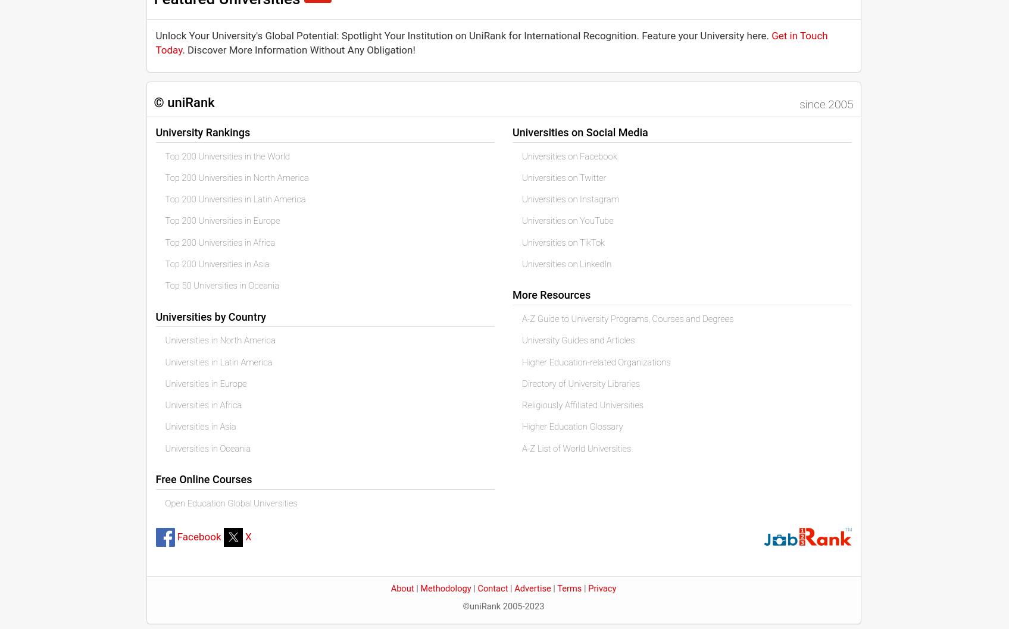 Image resolution: width=1009 pixels, height=629 pixels. I want to click on 'Higher Education-related Organizations', so click(595, 361).